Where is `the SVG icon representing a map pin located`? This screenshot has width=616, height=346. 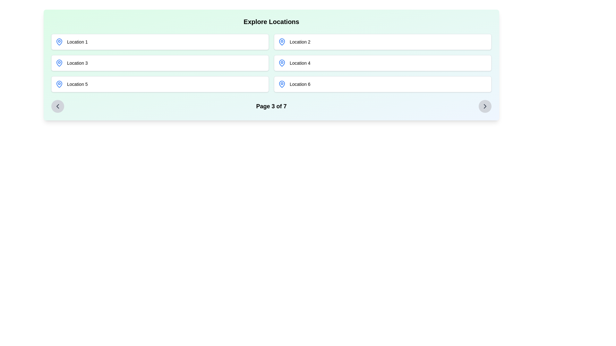
the SVG icon representing a map pin located is located at coordinates (59, 63).